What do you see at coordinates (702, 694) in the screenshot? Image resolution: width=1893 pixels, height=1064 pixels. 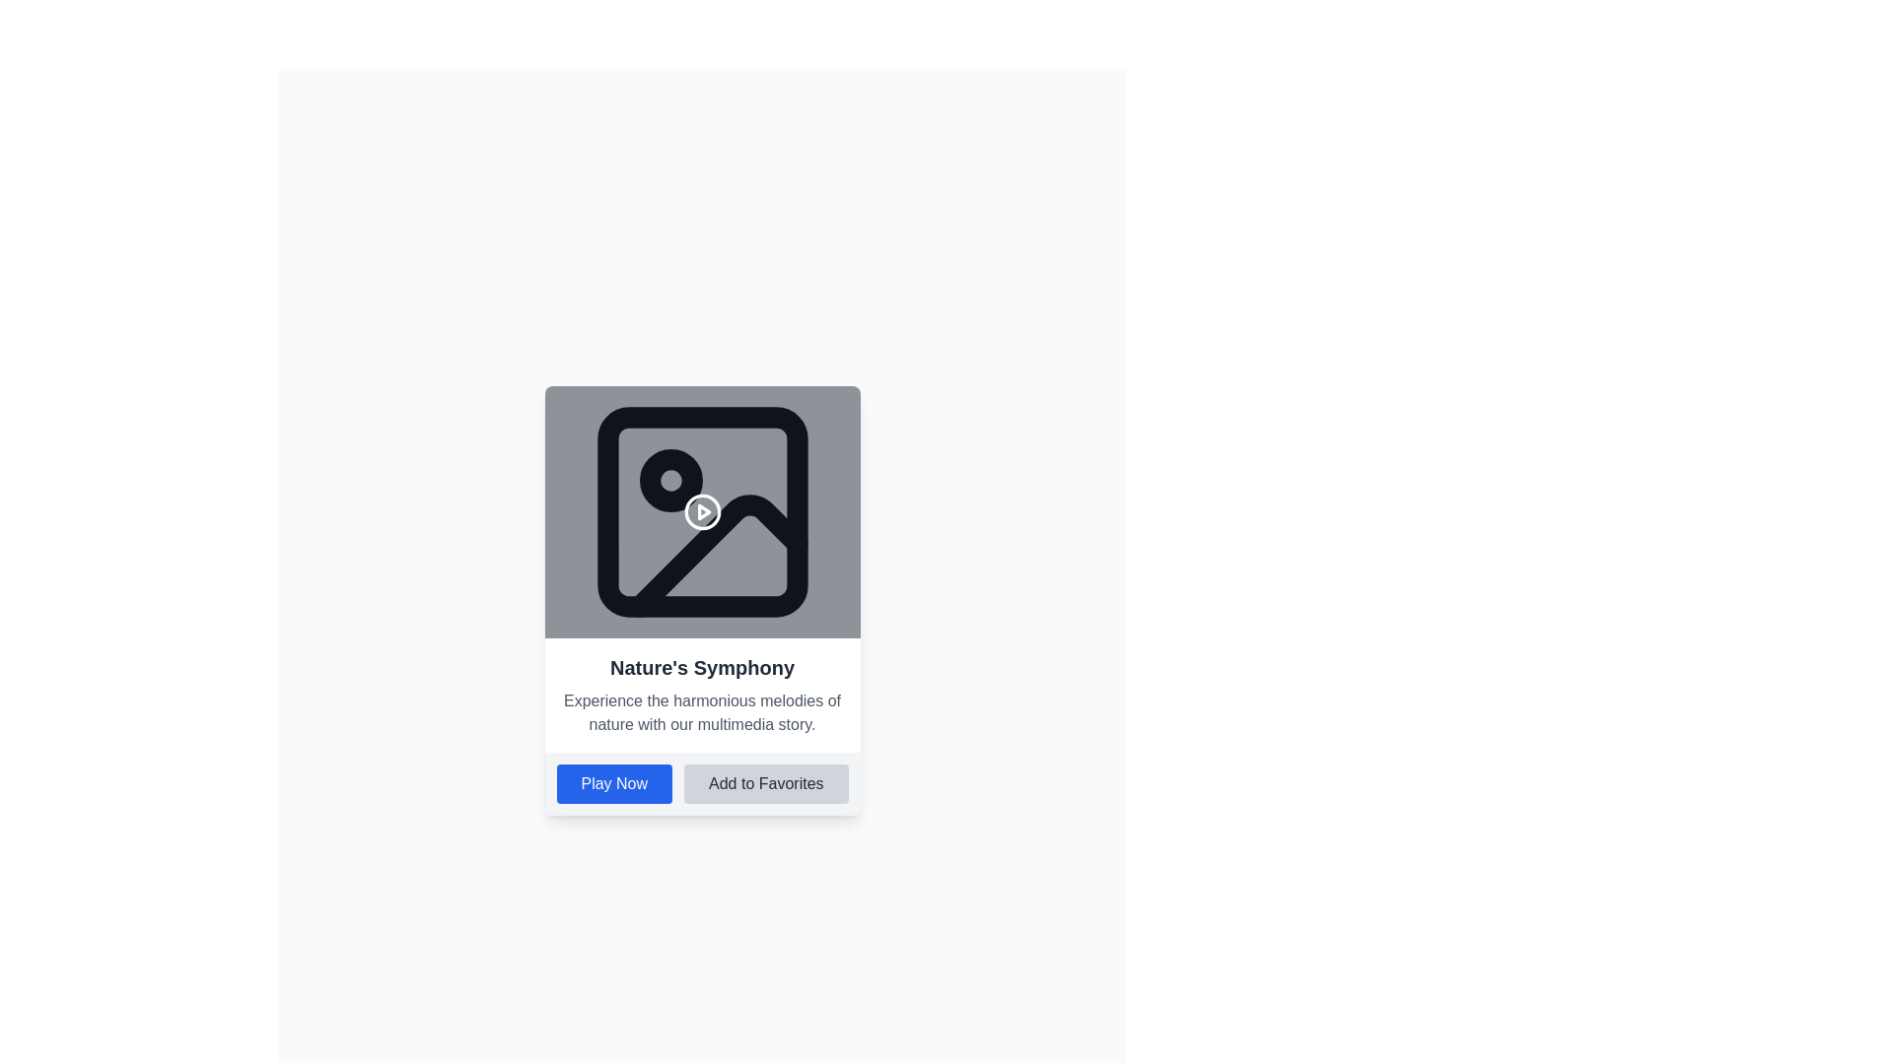 I see `the informational text block that contains a heading and a paragraph, which is positioned below an image placeholder and above the 'Play Now' and 'Add to Favorites' buttons` at bounding box center [702, 694].